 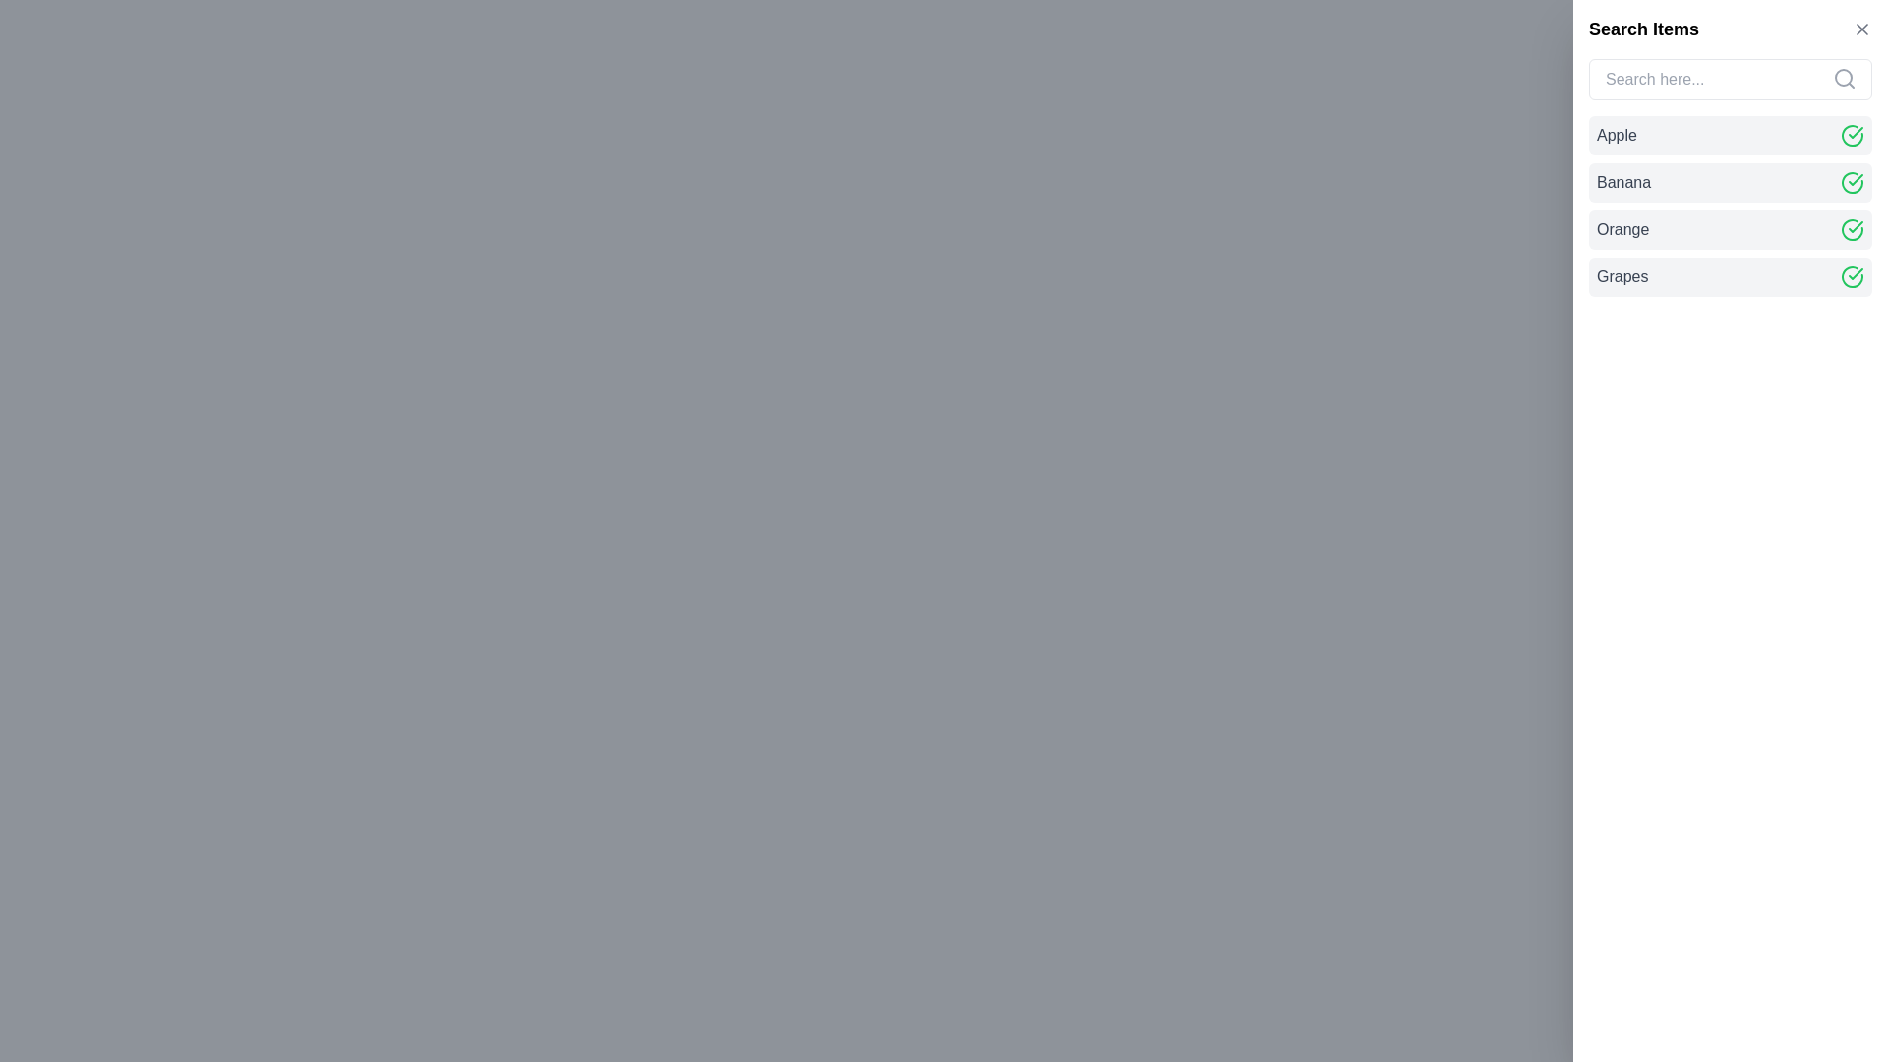 What do you see at coordinates (1861, 29) in the screenshot?
I see `the close button located at the top-right corner of the 'Search Items' panel` at bounding box center [1861, 29].